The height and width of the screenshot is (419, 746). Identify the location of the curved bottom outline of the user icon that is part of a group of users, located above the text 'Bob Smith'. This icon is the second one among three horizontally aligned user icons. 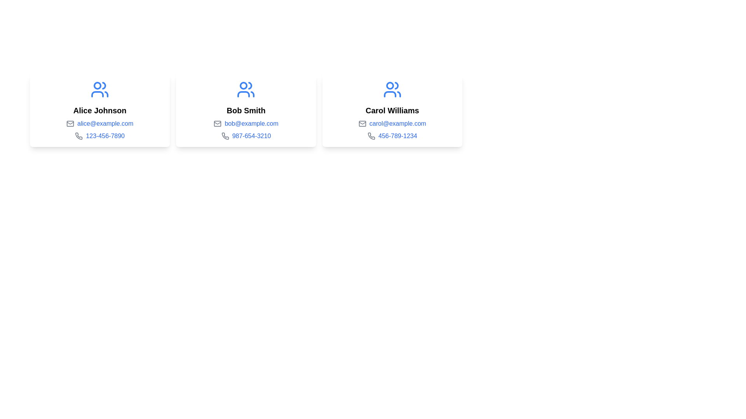
(243, 94).